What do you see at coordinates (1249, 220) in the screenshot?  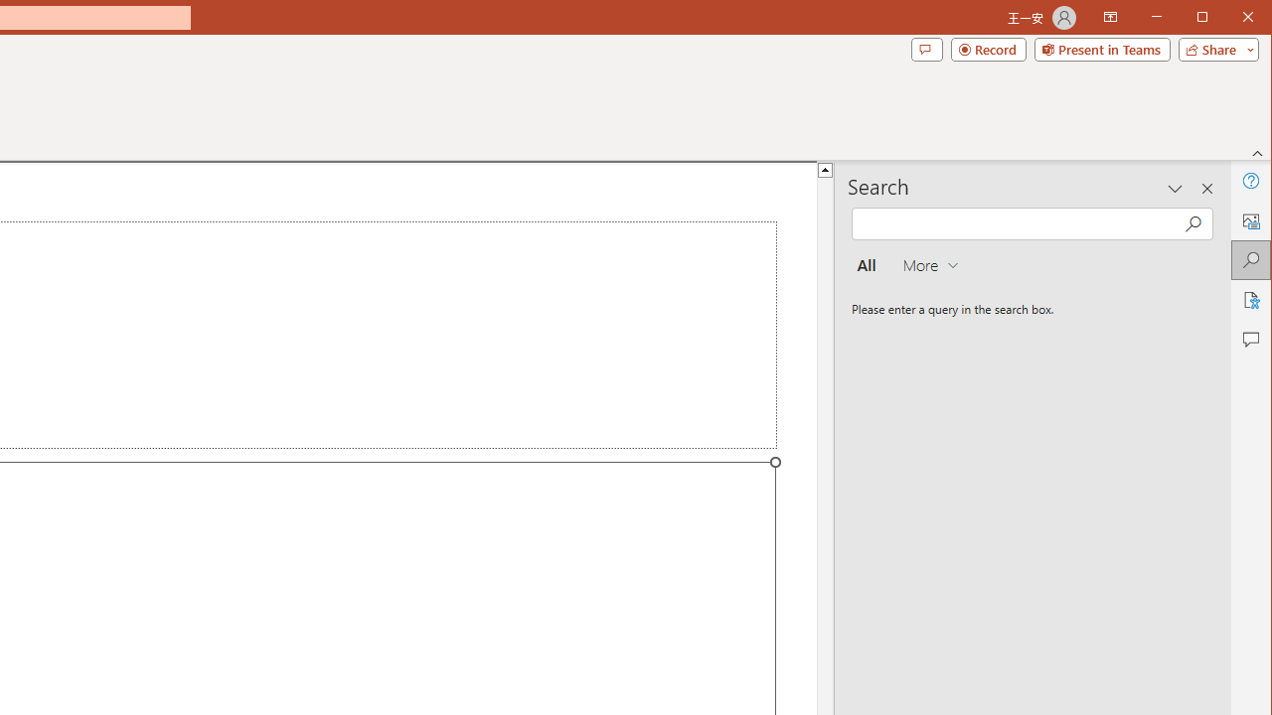 I see `'Alt Text'` at bounding box center [1249, 220].